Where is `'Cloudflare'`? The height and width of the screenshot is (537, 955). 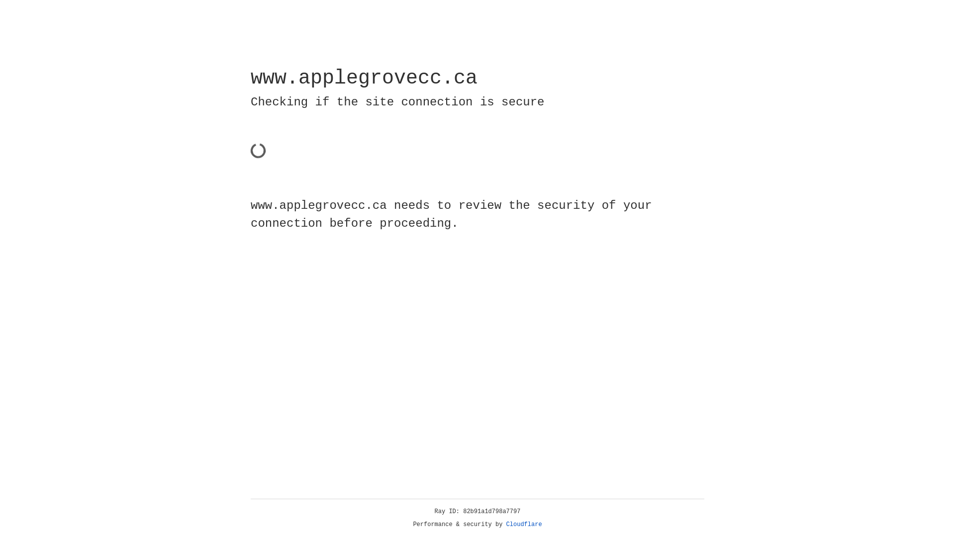
'Cloudflare' is located at coordinates (524, 524).